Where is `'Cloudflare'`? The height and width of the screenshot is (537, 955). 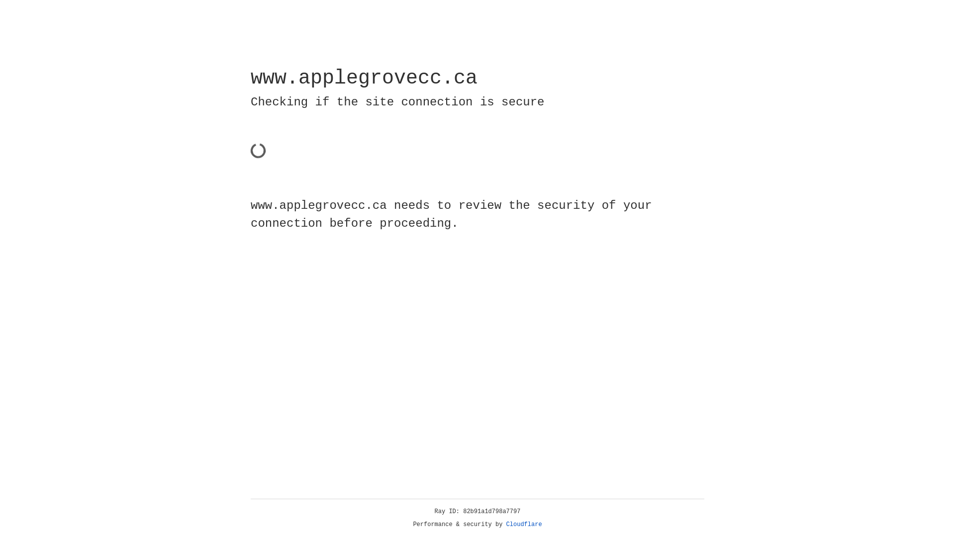
'Cloudflare' is located at coordinates (524, 524).